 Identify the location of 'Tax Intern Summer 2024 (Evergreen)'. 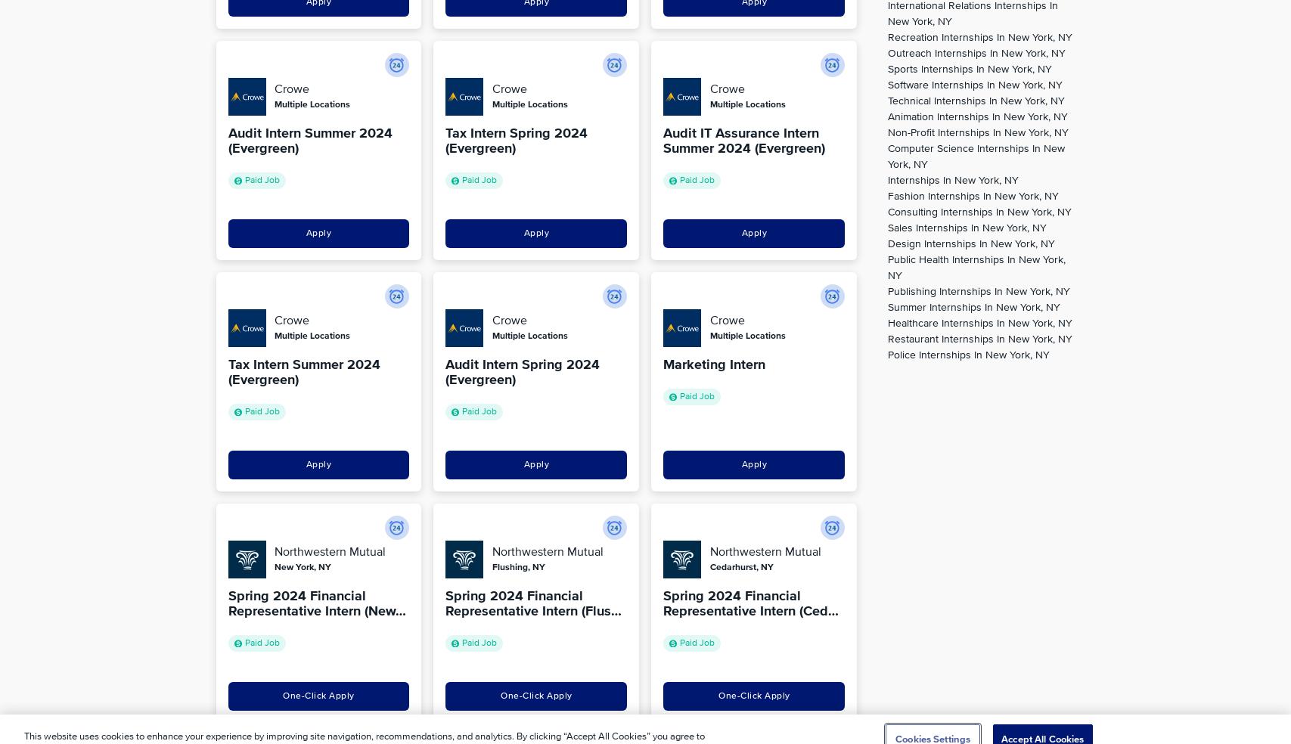
(303, 372).